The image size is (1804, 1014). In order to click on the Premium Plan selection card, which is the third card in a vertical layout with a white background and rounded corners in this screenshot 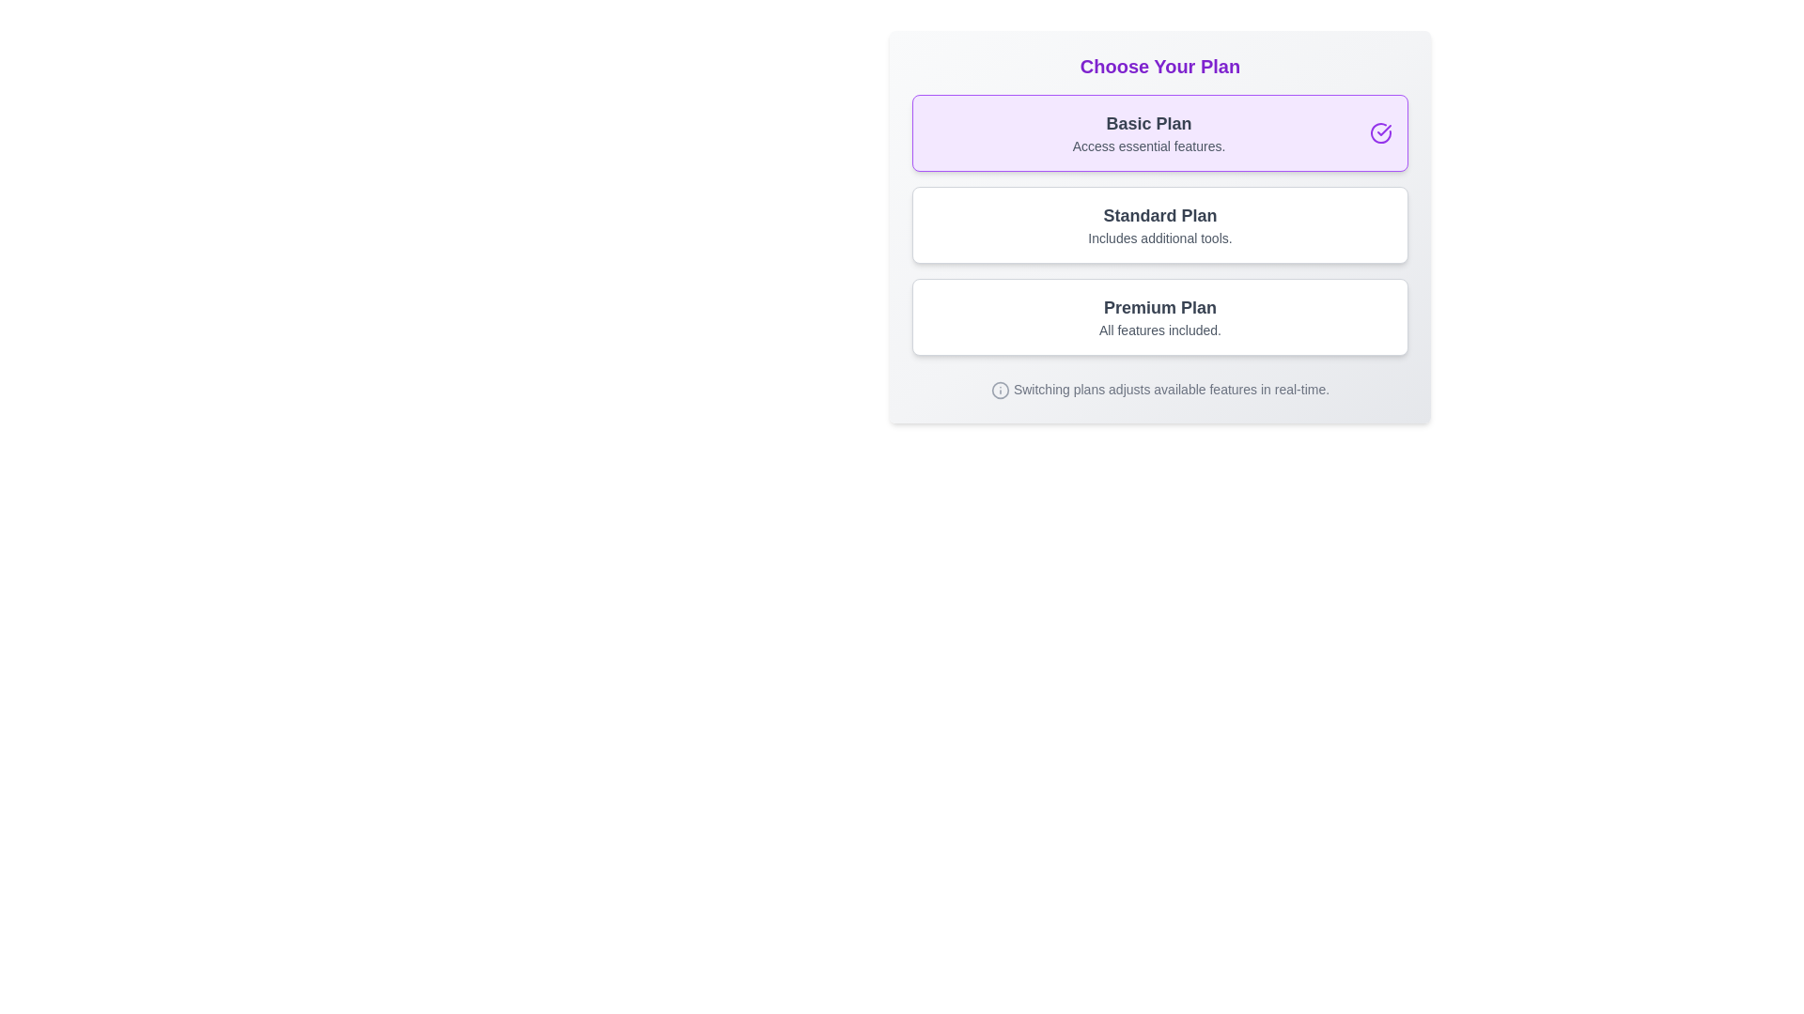, I will do `click(1159, 316)`.